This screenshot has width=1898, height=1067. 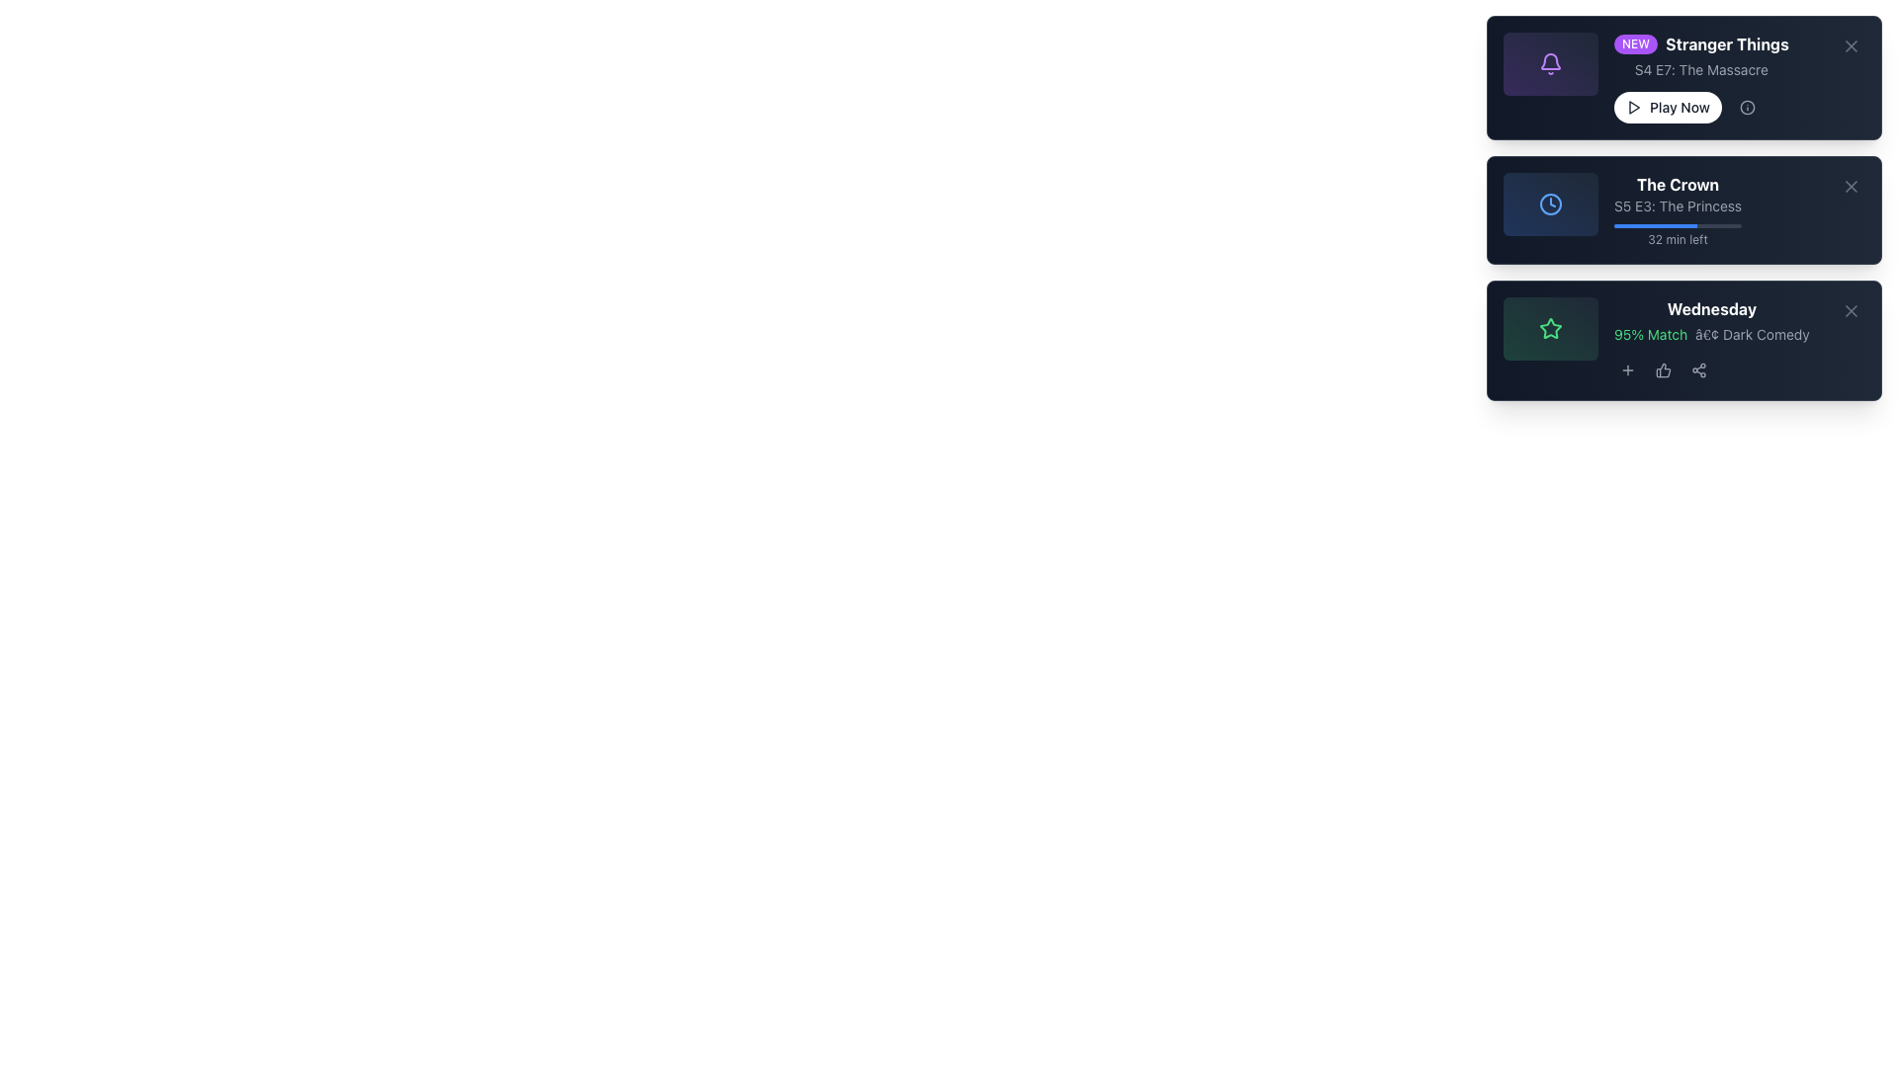 What do you see at coordinates (1683, 76) in the screenshot?
I see `the 'NEW' badge on the 'Stranger Things' card component, which is the first card in the list of media information` at bounding box center [1683, 76].